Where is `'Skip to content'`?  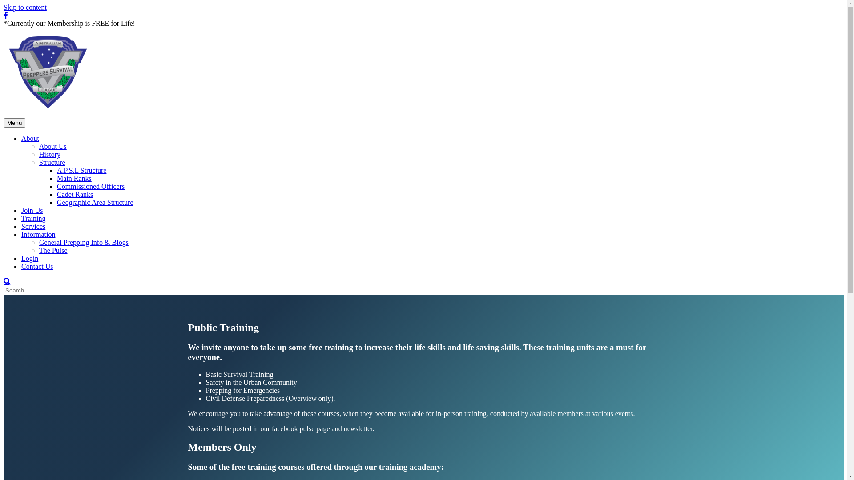 'Skip to content' is located at coordinates (25, 7).